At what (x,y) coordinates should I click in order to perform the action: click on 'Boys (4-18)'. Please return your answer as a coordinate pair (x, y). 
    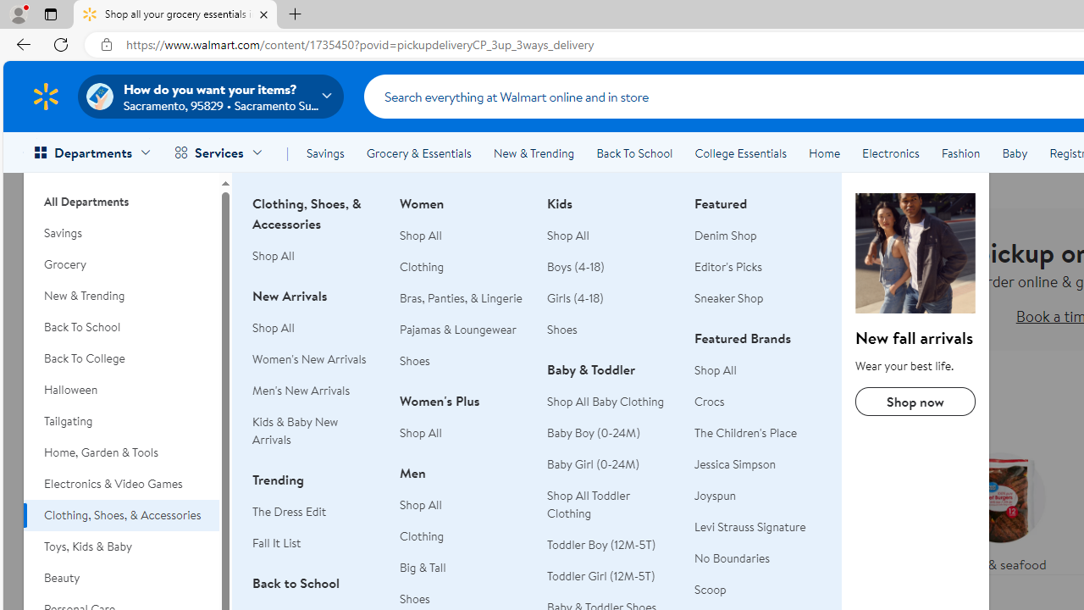
    Looking at the image, I should click on (576, 267).